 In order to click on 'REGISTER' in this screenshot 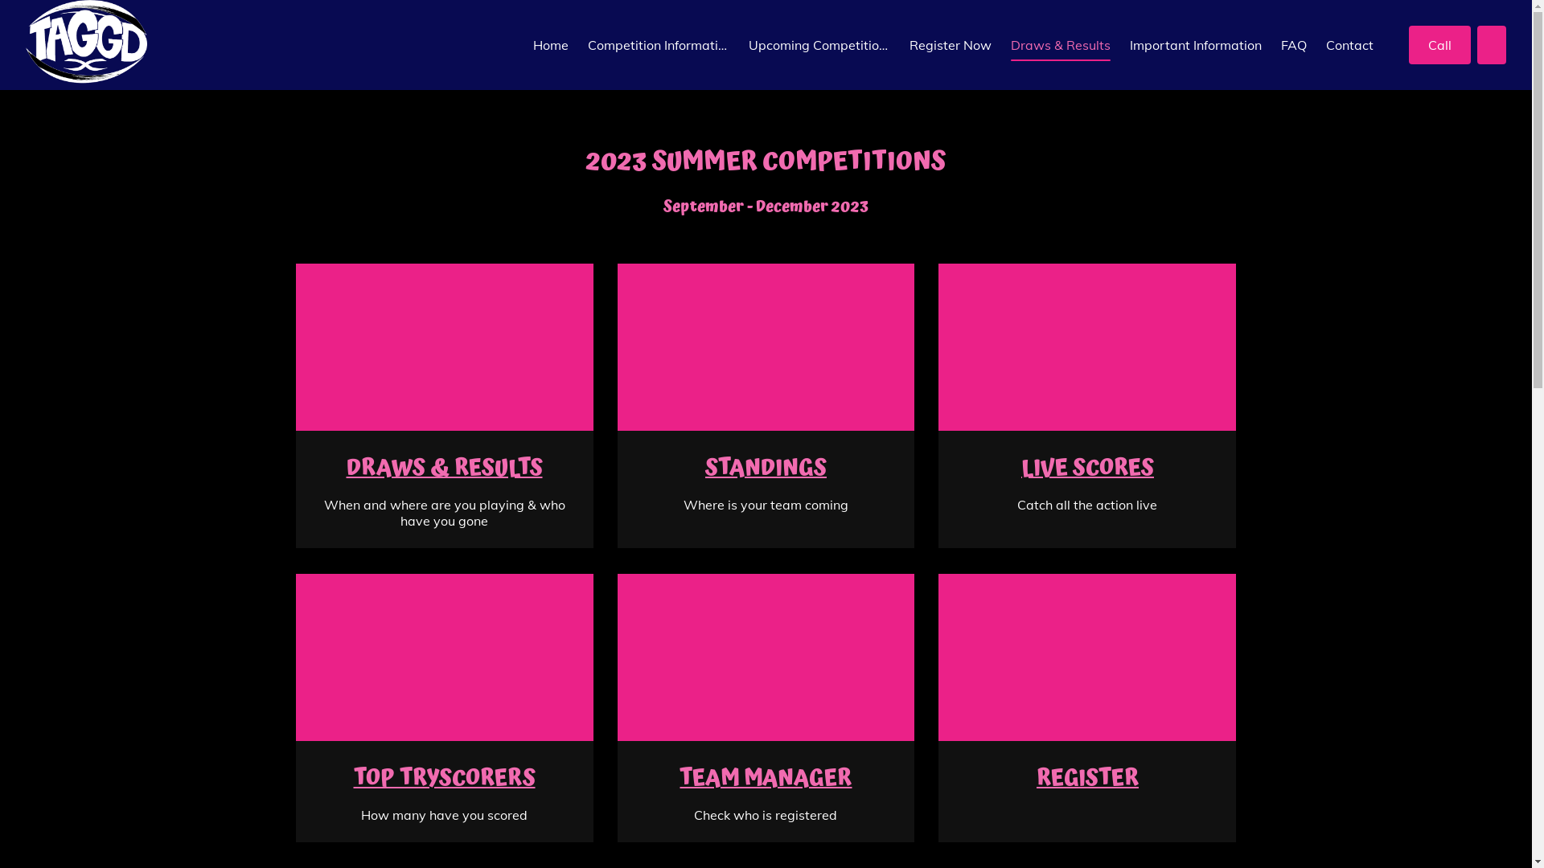, I will do `click(1037, 777)`.